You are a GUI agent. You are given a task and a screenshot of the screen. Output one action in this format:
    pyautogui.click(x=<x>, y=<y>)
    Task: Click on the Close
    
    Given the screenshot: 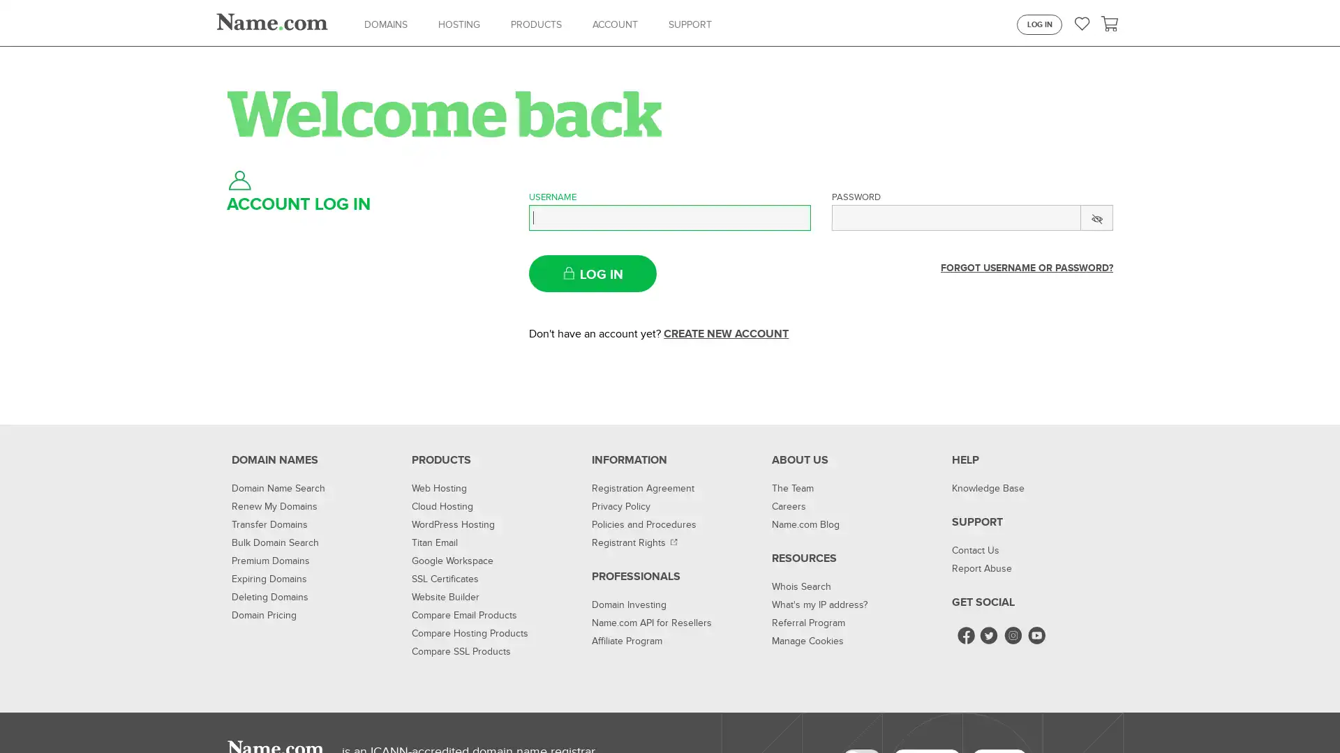 What is the action you would take?
    pyautogui.click(x=1316, y=715)
    